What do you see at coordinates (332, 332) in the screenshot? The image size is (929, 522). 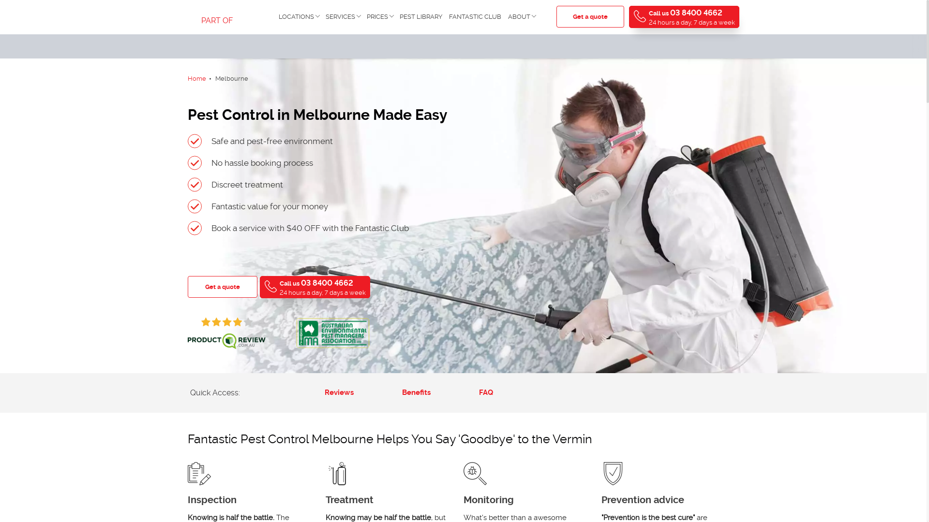 I see `'PMA'` at bounding box center [332, 332].